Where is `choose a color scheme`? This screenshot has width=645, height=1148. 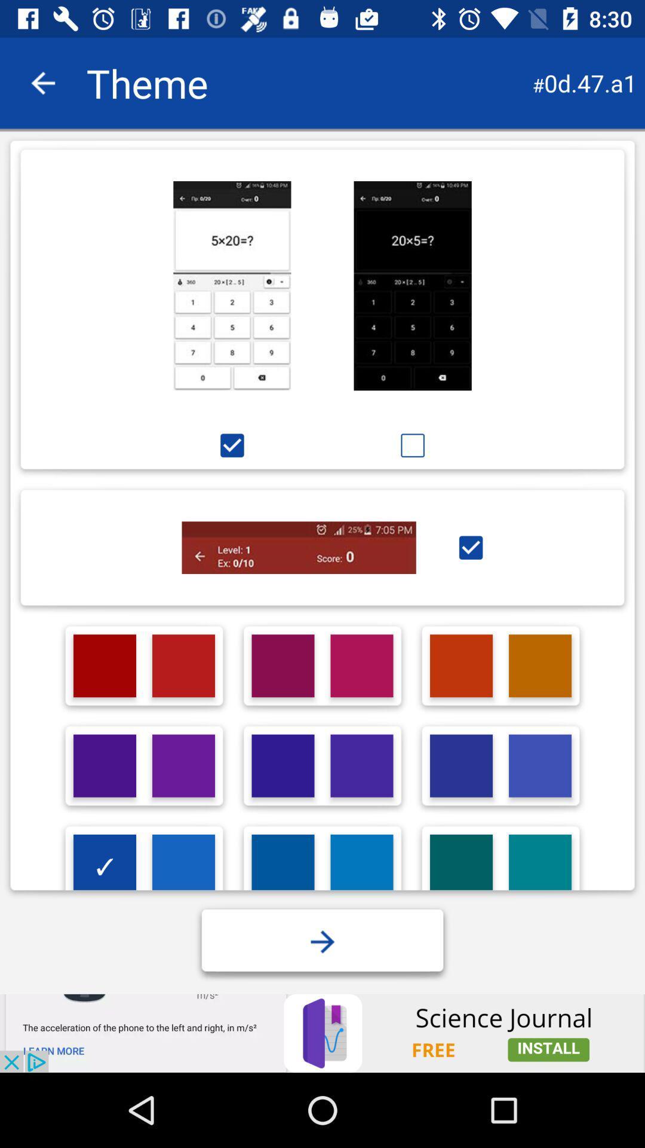
choose a color scheme is located at coordinates (283, 866).